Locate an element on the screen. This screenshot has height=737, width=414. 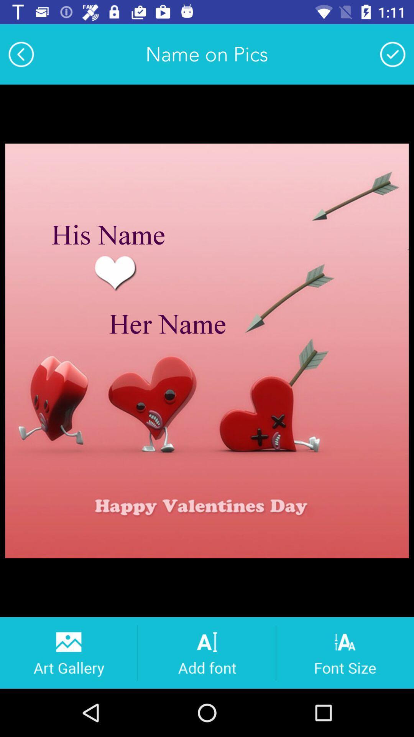
change font size is located at coordinates (345, 652).